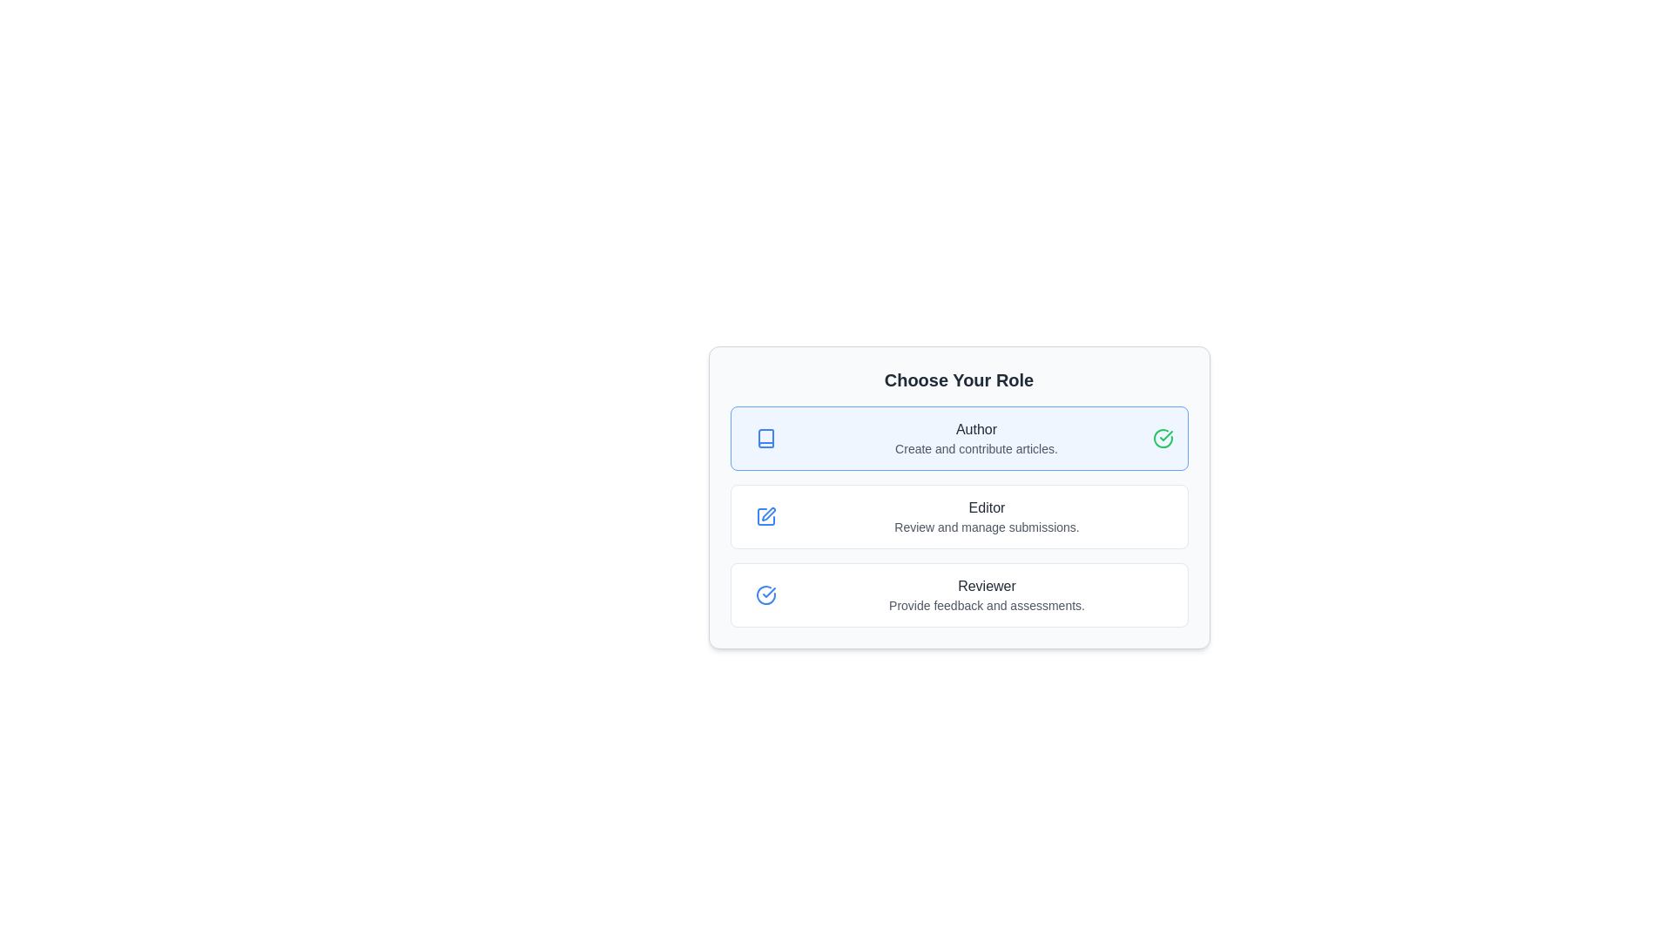  Describe the element at coordinates (765, 594) in the screenshot. I see `the visual indicator icon in the third row of the 'Reviewer' section in the 'Choose Your Role' interface` at that location.